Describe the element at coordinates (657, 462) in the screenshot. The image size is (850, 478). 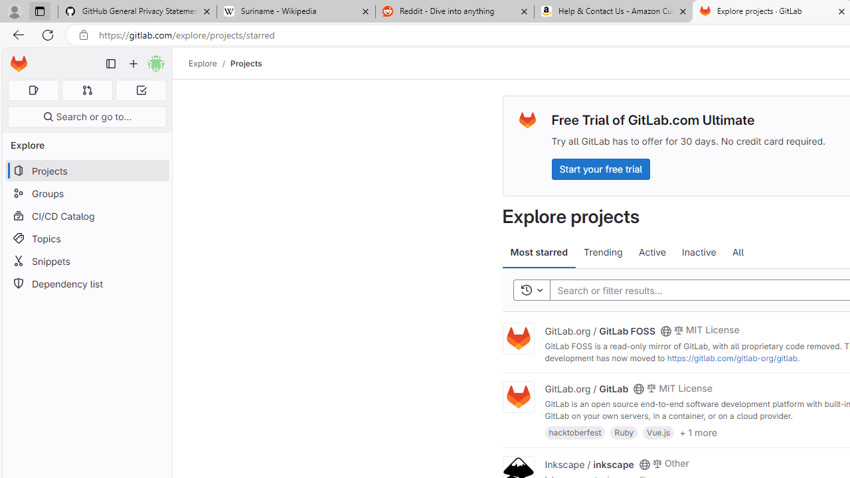
I see `'Class: s14 gl-mr-2'` at that location.